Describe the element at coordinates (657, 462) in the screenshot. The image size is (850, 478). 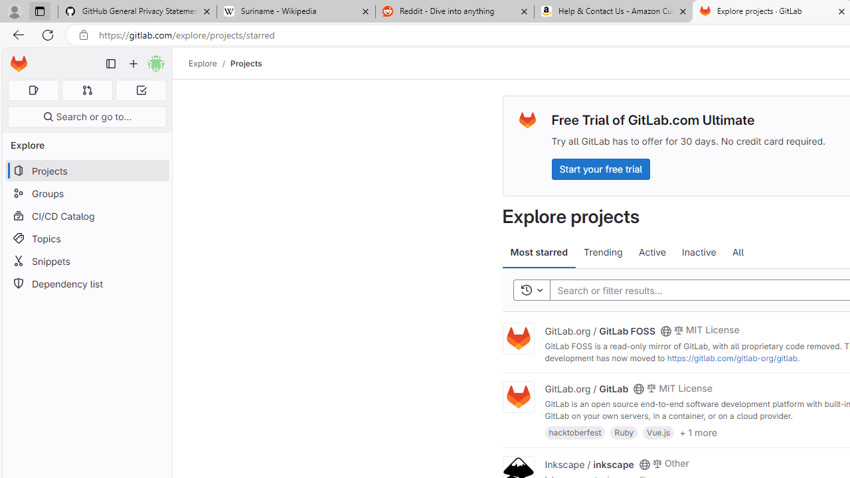
I see `'Class: s14 gl-mr-2'` at that location.